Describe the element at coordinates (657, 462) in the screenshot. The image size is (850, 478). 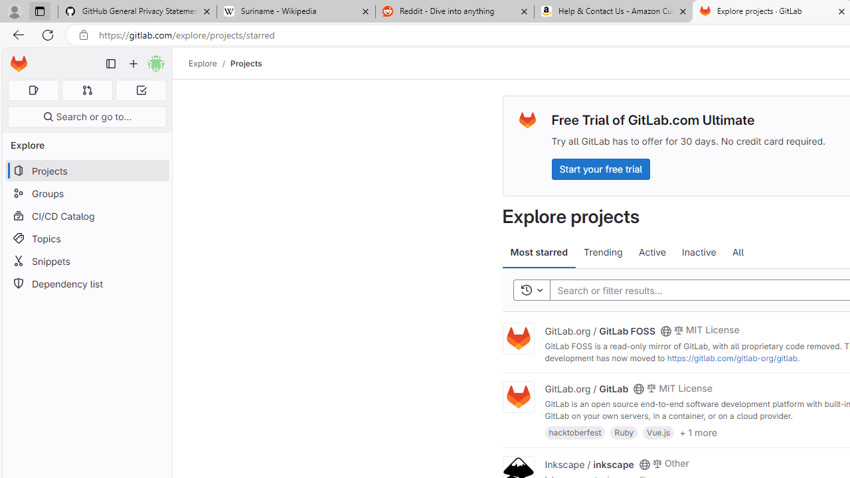
I see `'Class: s14 gl-mr-2'` at that location.